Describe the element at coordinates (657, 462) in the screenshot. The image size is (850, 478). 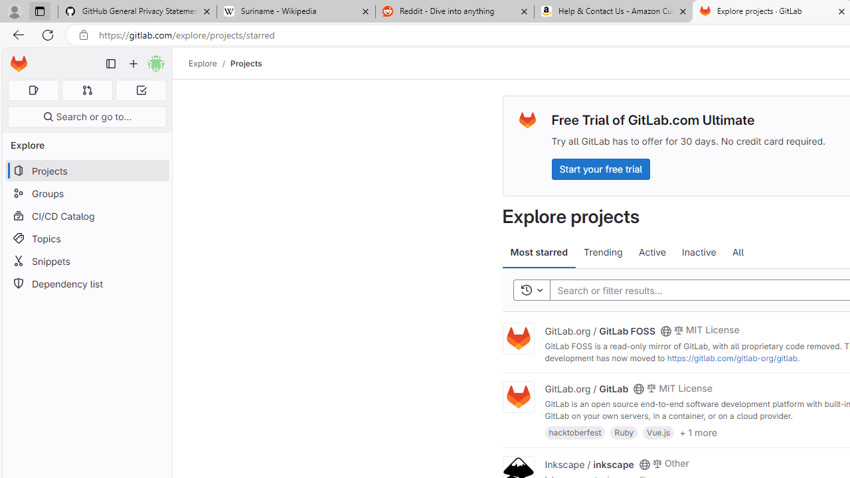
I see `'Class: s14 gl-mr-2'` at that location.